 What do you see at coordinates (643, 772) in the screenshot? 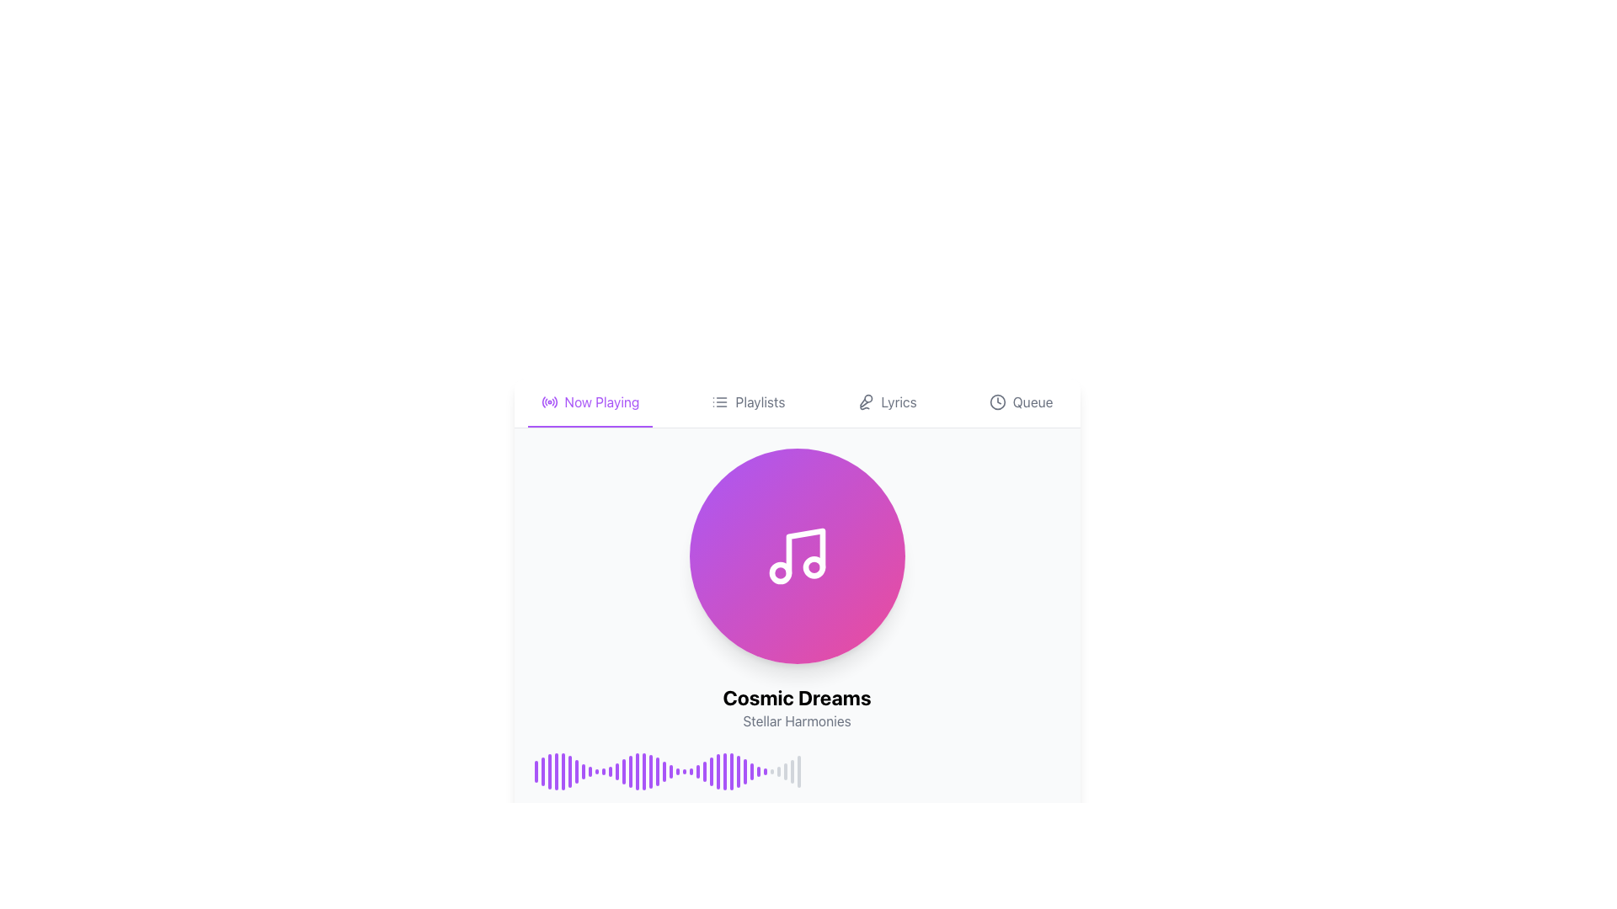
I see `the position of the visual indicator, which is the 17th bar from the left in a sequence of 35 bars, relative to the other bars` at bounding box center [643, 772].